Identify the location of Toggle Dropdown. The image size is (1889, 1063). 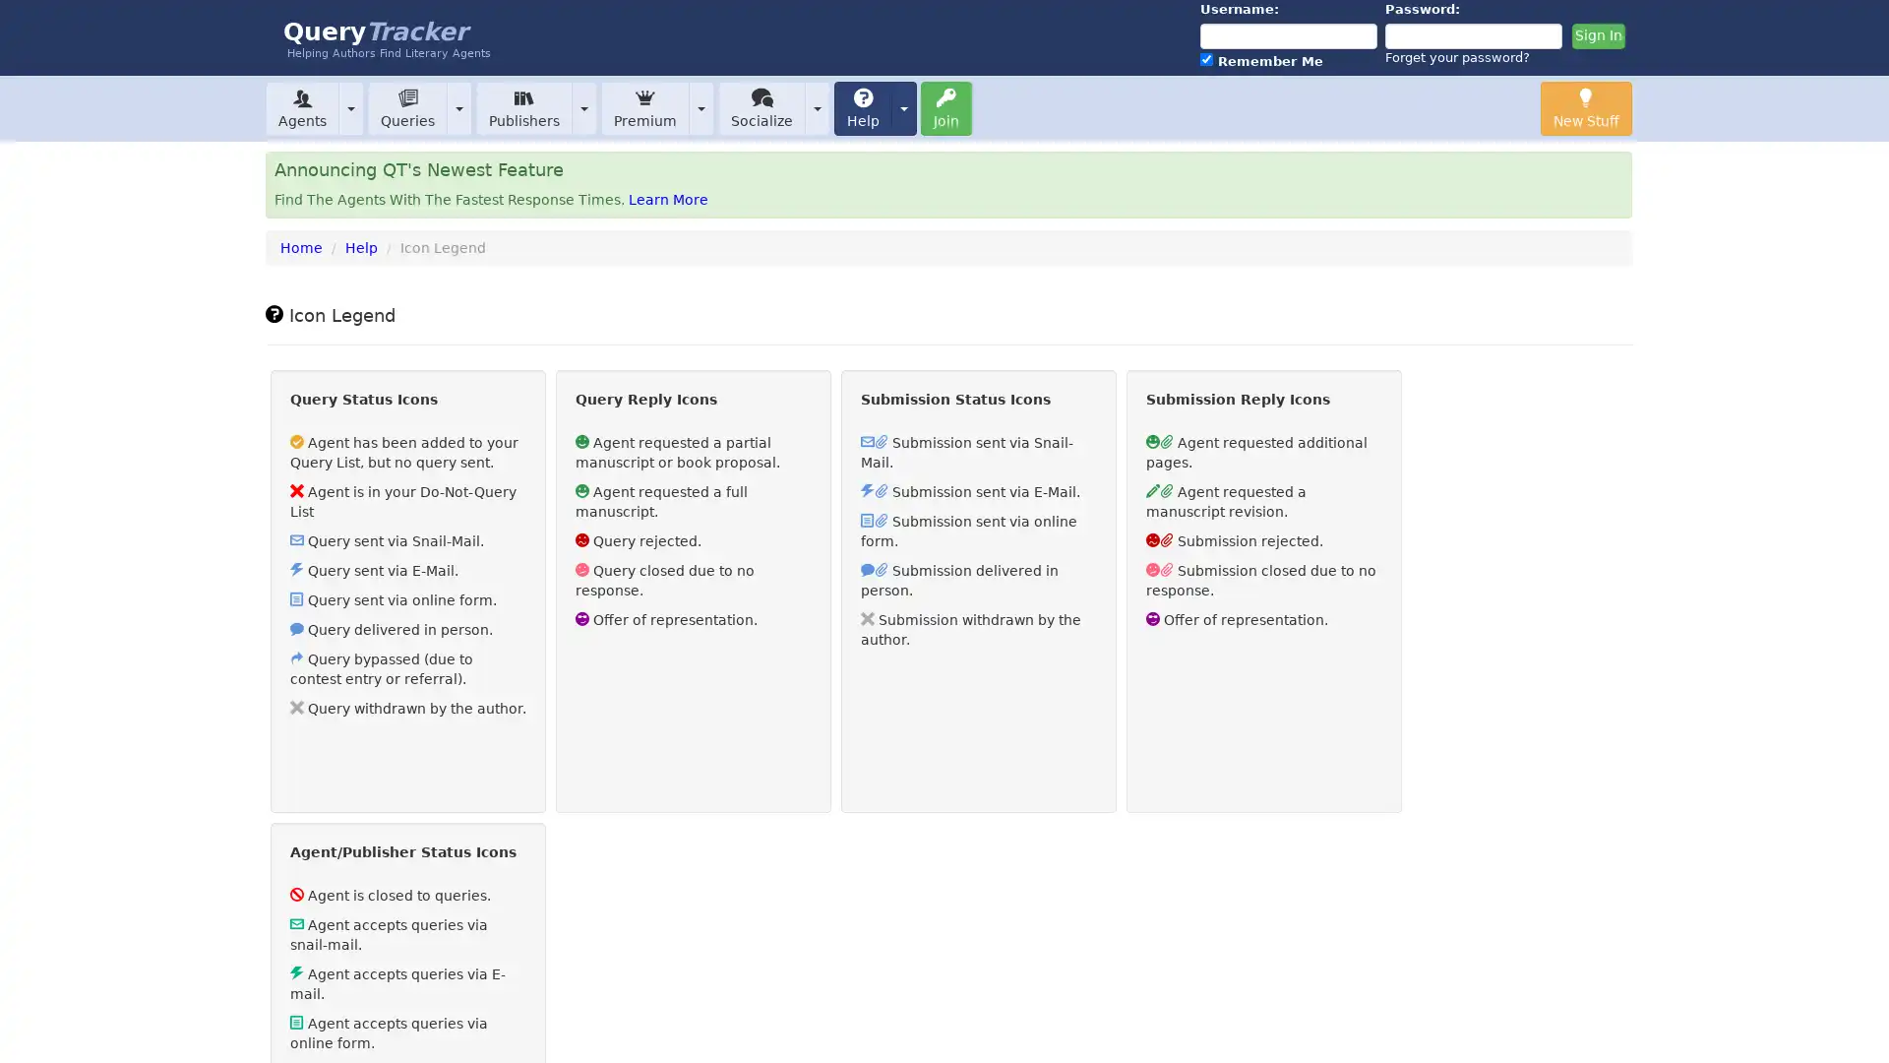
(817, 107).